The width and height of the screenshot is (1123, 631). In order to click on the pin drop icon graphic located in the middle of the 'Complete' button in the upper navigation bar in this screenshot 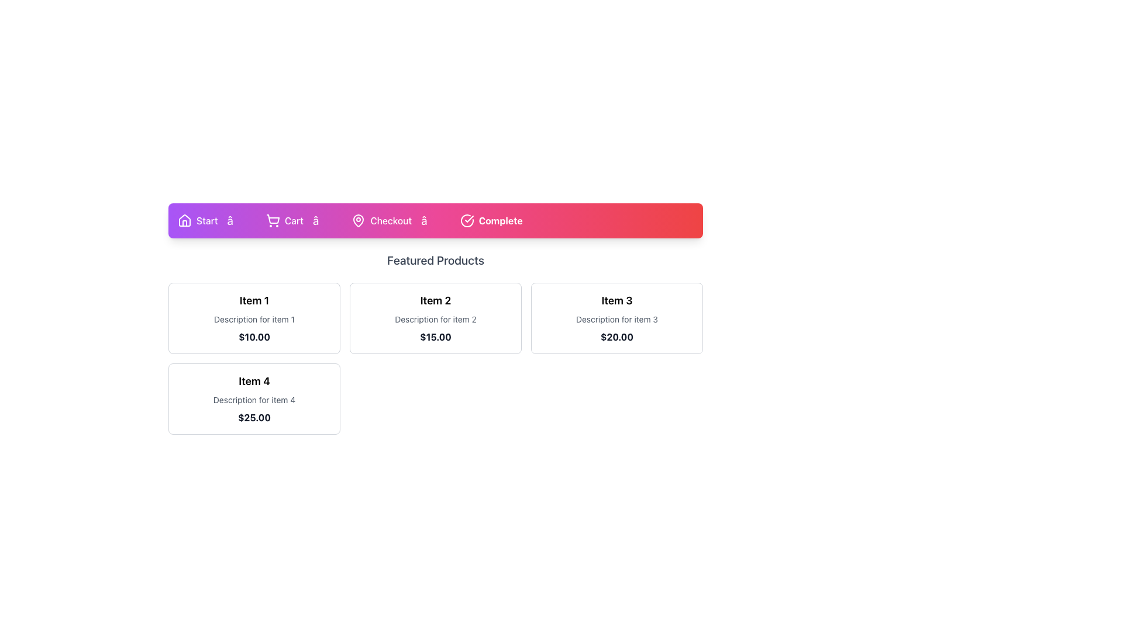, I will do `click(358, 221)`.